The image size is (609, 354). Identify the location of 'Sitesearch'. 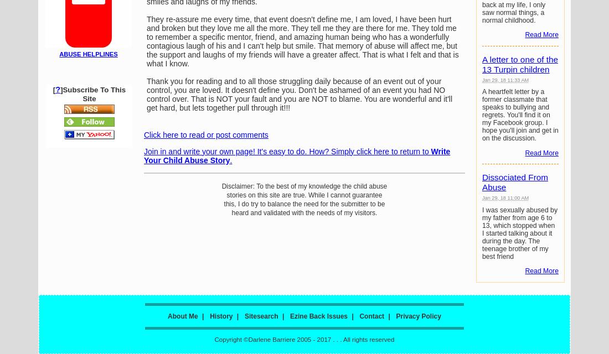
(260, 316).